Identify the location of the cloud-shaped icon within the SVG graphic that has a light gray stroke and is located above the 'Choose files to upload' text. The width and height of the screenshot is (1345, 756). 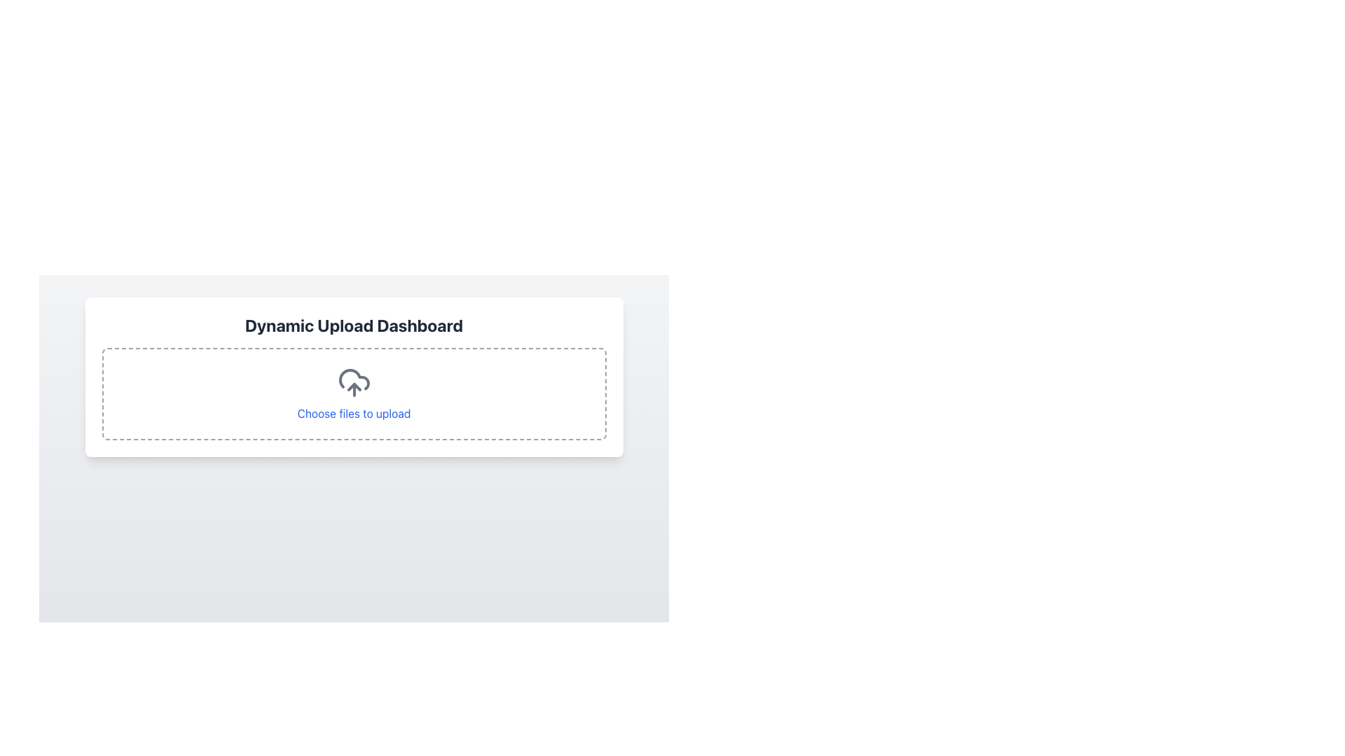
(354, 379).